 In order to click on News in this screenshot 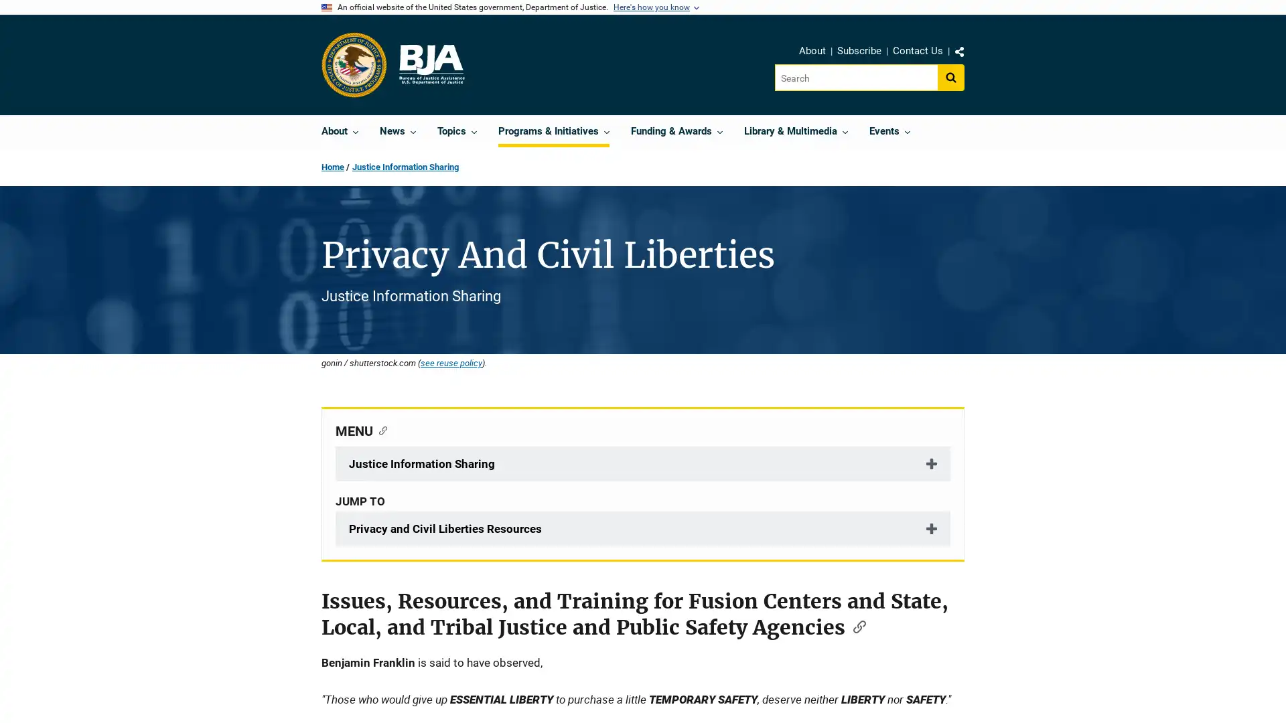, I will do `click(397, 131)`.